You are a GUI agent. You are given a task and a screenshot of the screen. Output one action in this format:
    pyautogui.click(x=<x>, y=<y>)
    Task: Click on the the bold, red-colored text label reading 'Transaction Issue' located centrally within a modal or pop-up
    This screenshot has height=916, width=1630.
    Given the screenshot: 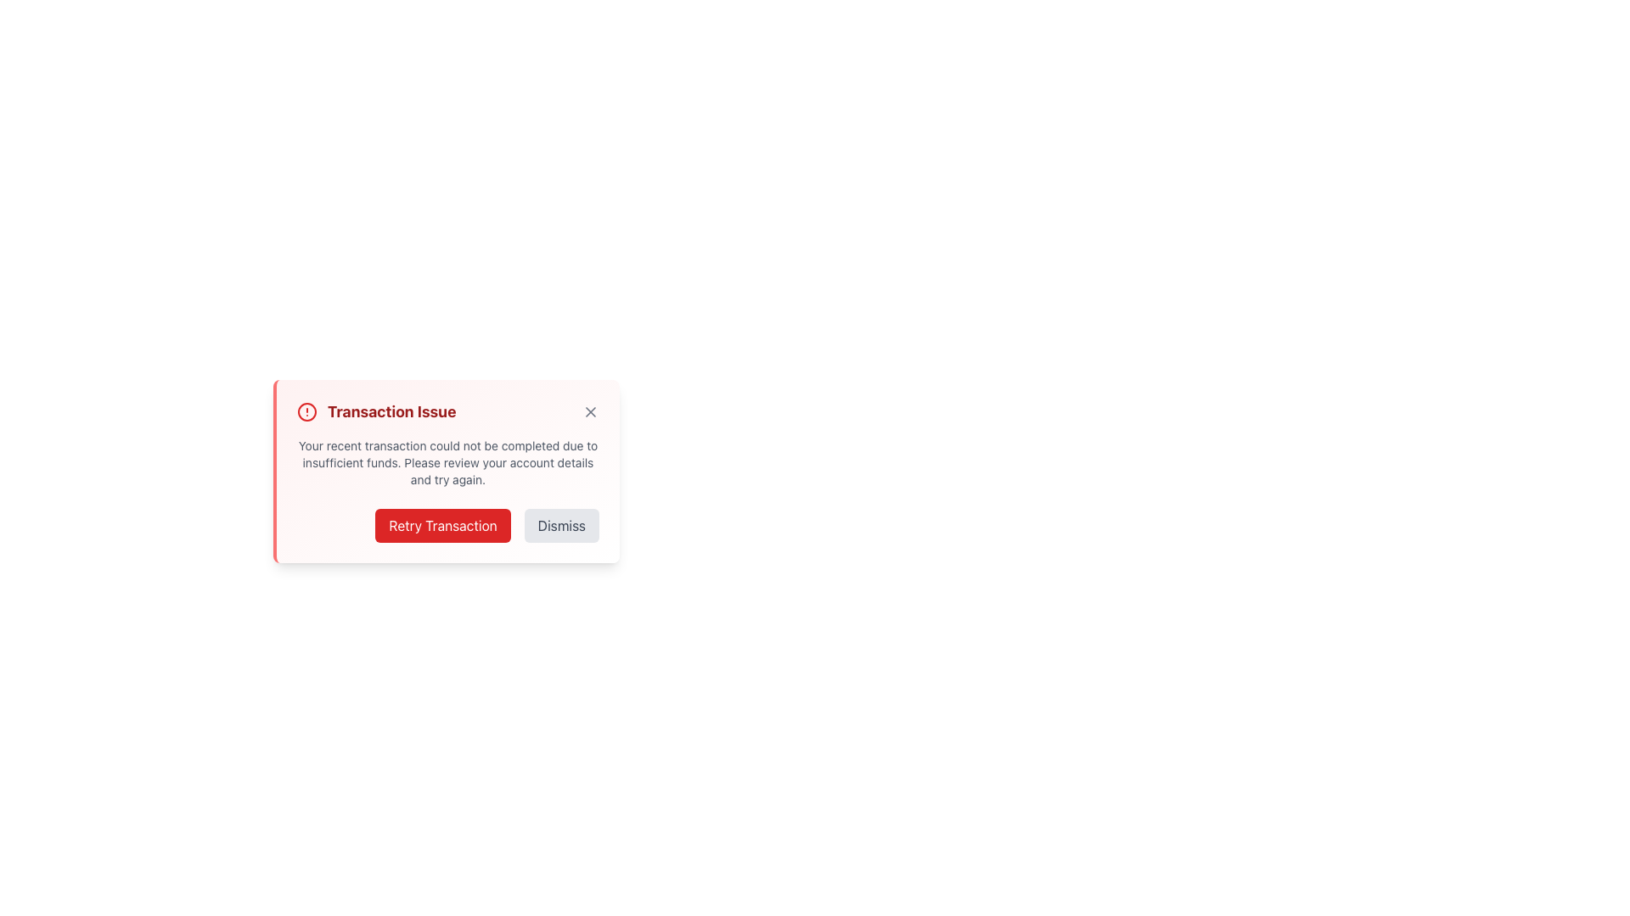 What is the action you would take?
    pyautogui.click(x=391, y=412)
    